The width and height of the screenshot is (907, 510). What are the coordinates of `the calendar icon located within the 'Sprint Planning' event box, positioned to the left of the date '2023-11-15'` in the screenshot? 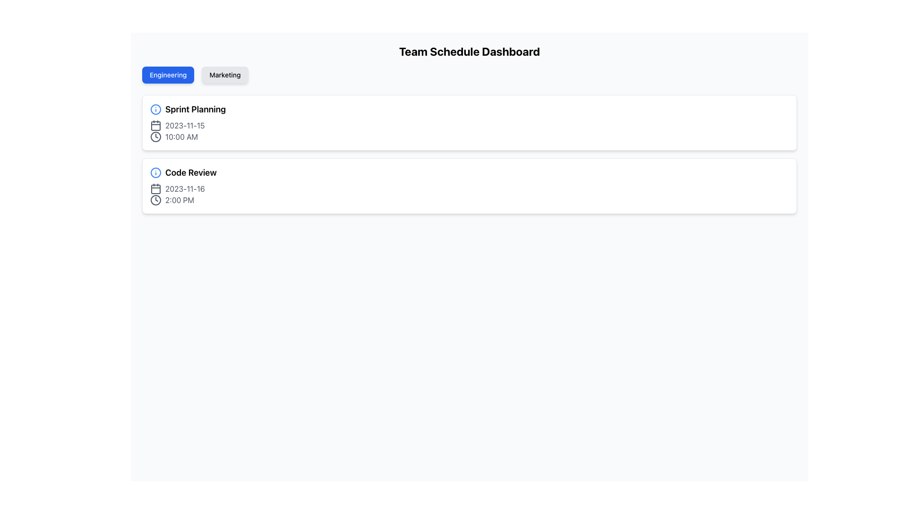 It's located at (156, 125).